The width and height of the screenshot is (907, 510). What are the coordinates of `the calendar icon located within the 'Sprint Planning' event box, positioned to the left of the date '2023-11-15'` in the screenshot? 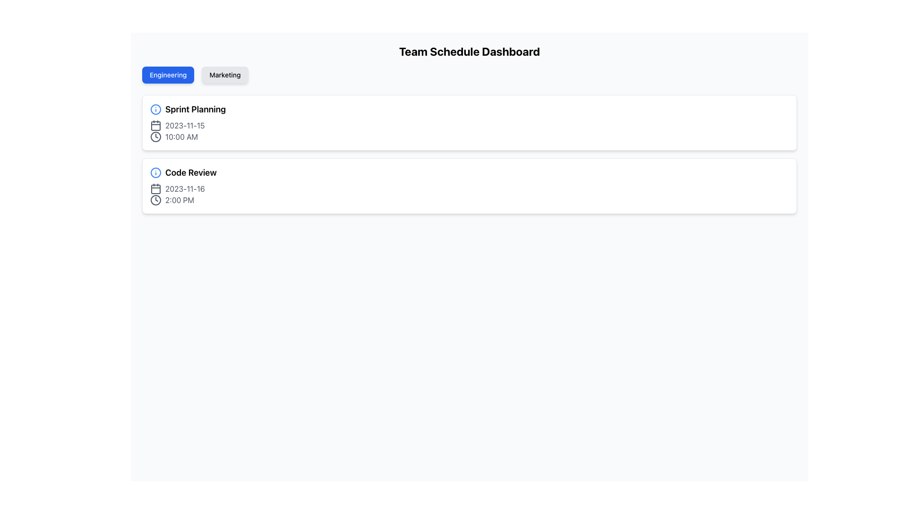 It's located at (156, 125).